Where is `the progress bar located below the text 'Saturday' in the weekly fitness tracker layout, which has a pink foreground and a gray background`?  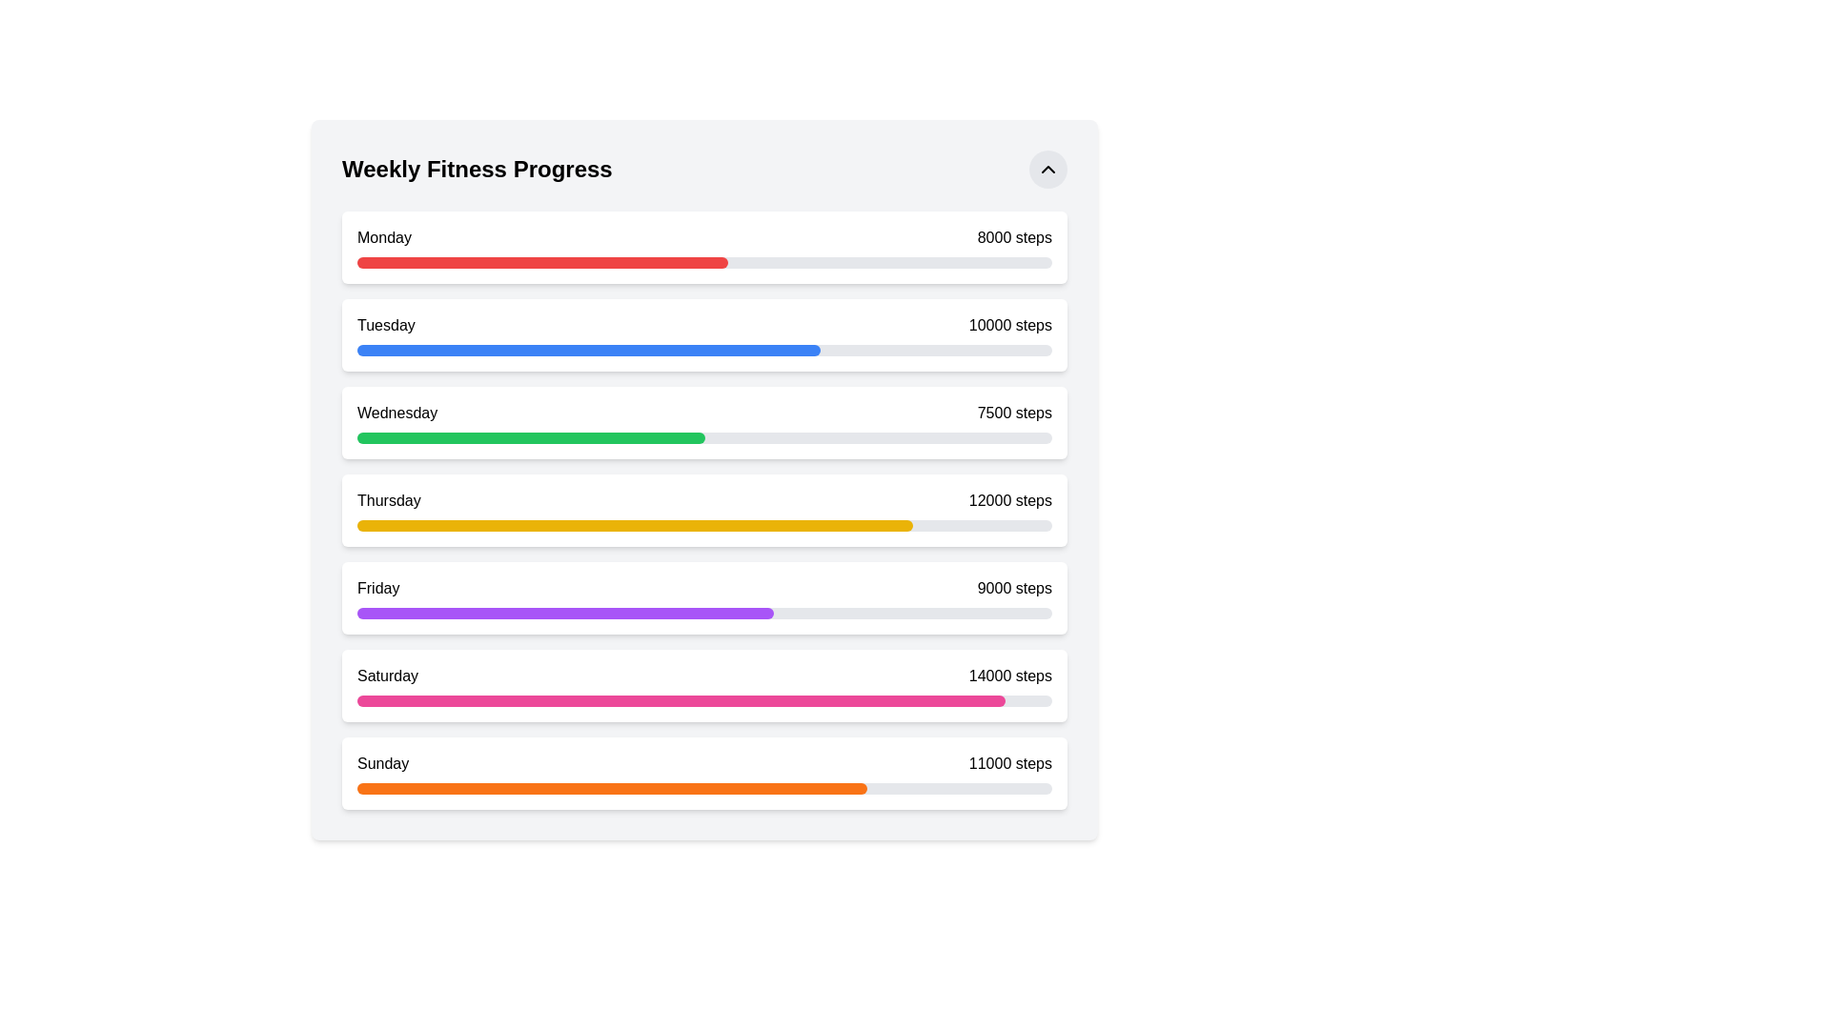 the progress bar located below the text 'Saturday' in the weekly fitness tracker layout, which has a pink foreground and a gray background is located at coordinates (703, 697).